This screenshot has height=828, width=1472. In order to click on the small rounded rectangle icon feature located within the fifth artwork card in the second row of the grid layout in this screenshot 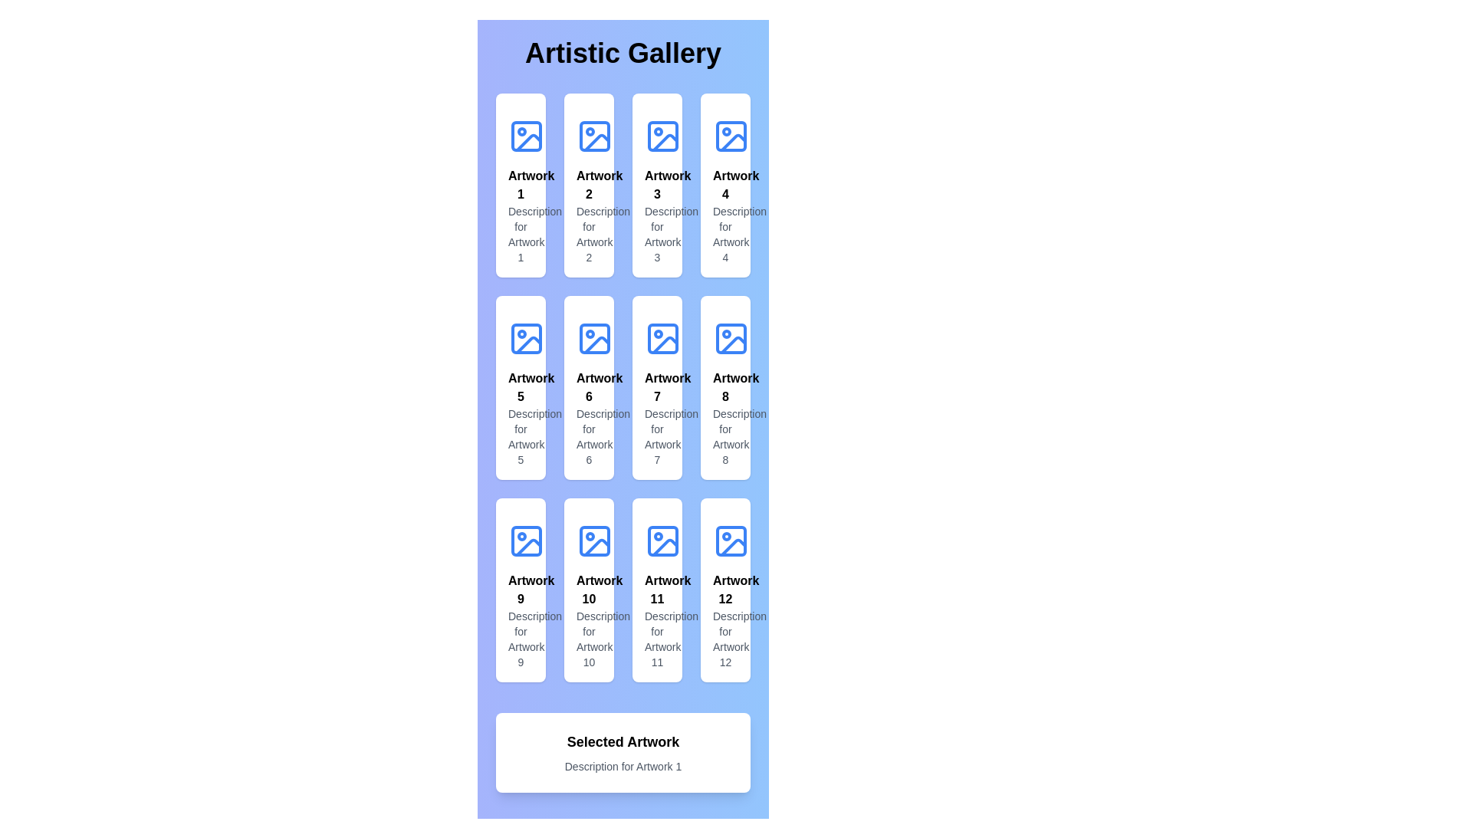, I will do `click(526, 338)`.